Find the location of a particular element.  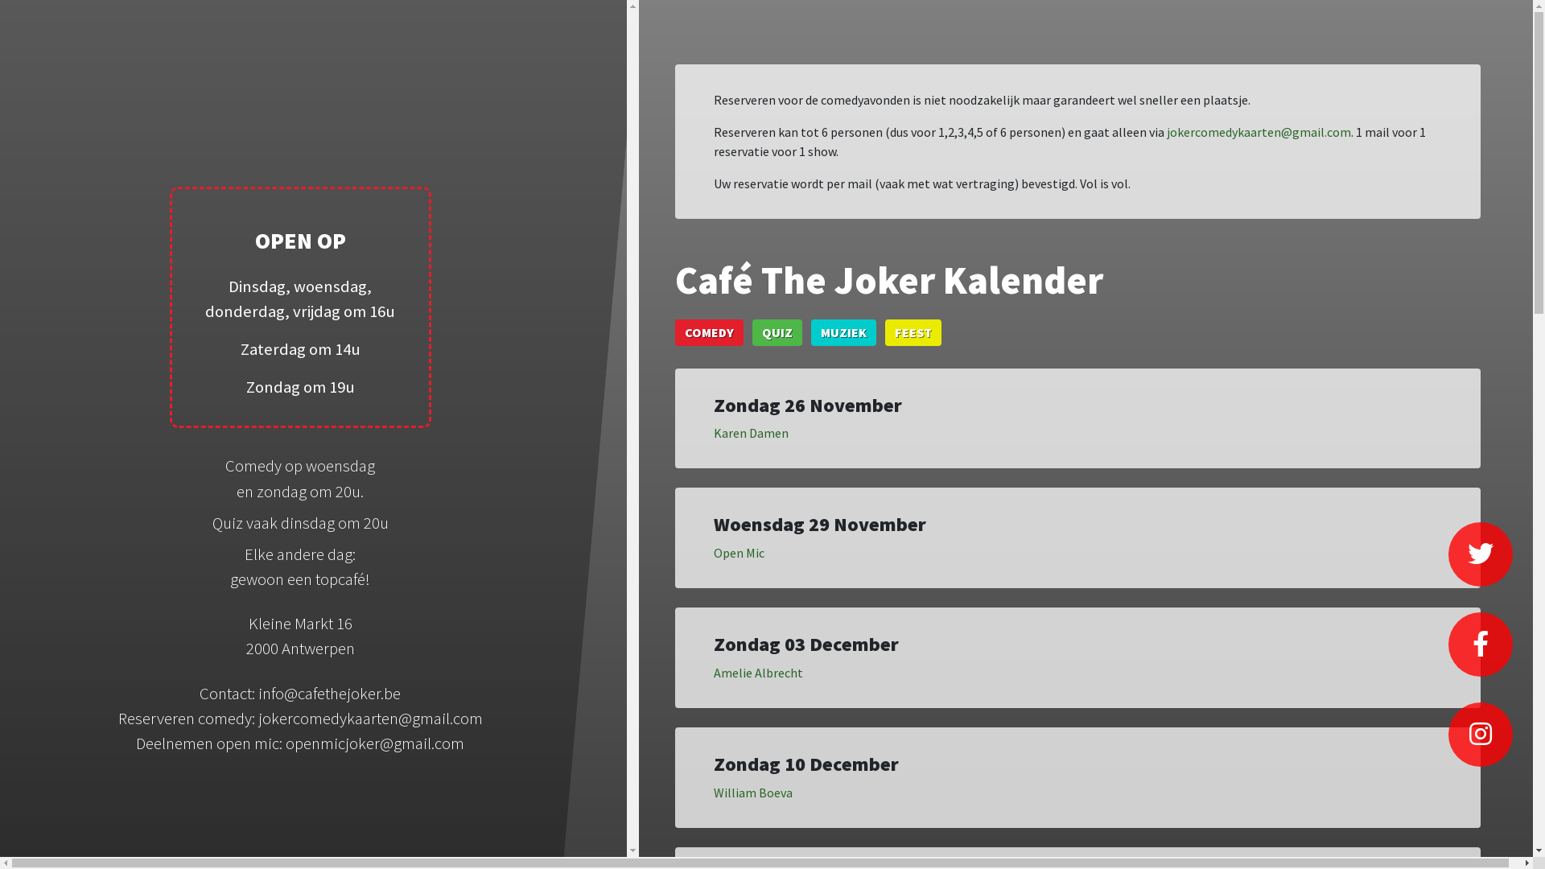

'Open Mic' is located at coordinates (738, 551).